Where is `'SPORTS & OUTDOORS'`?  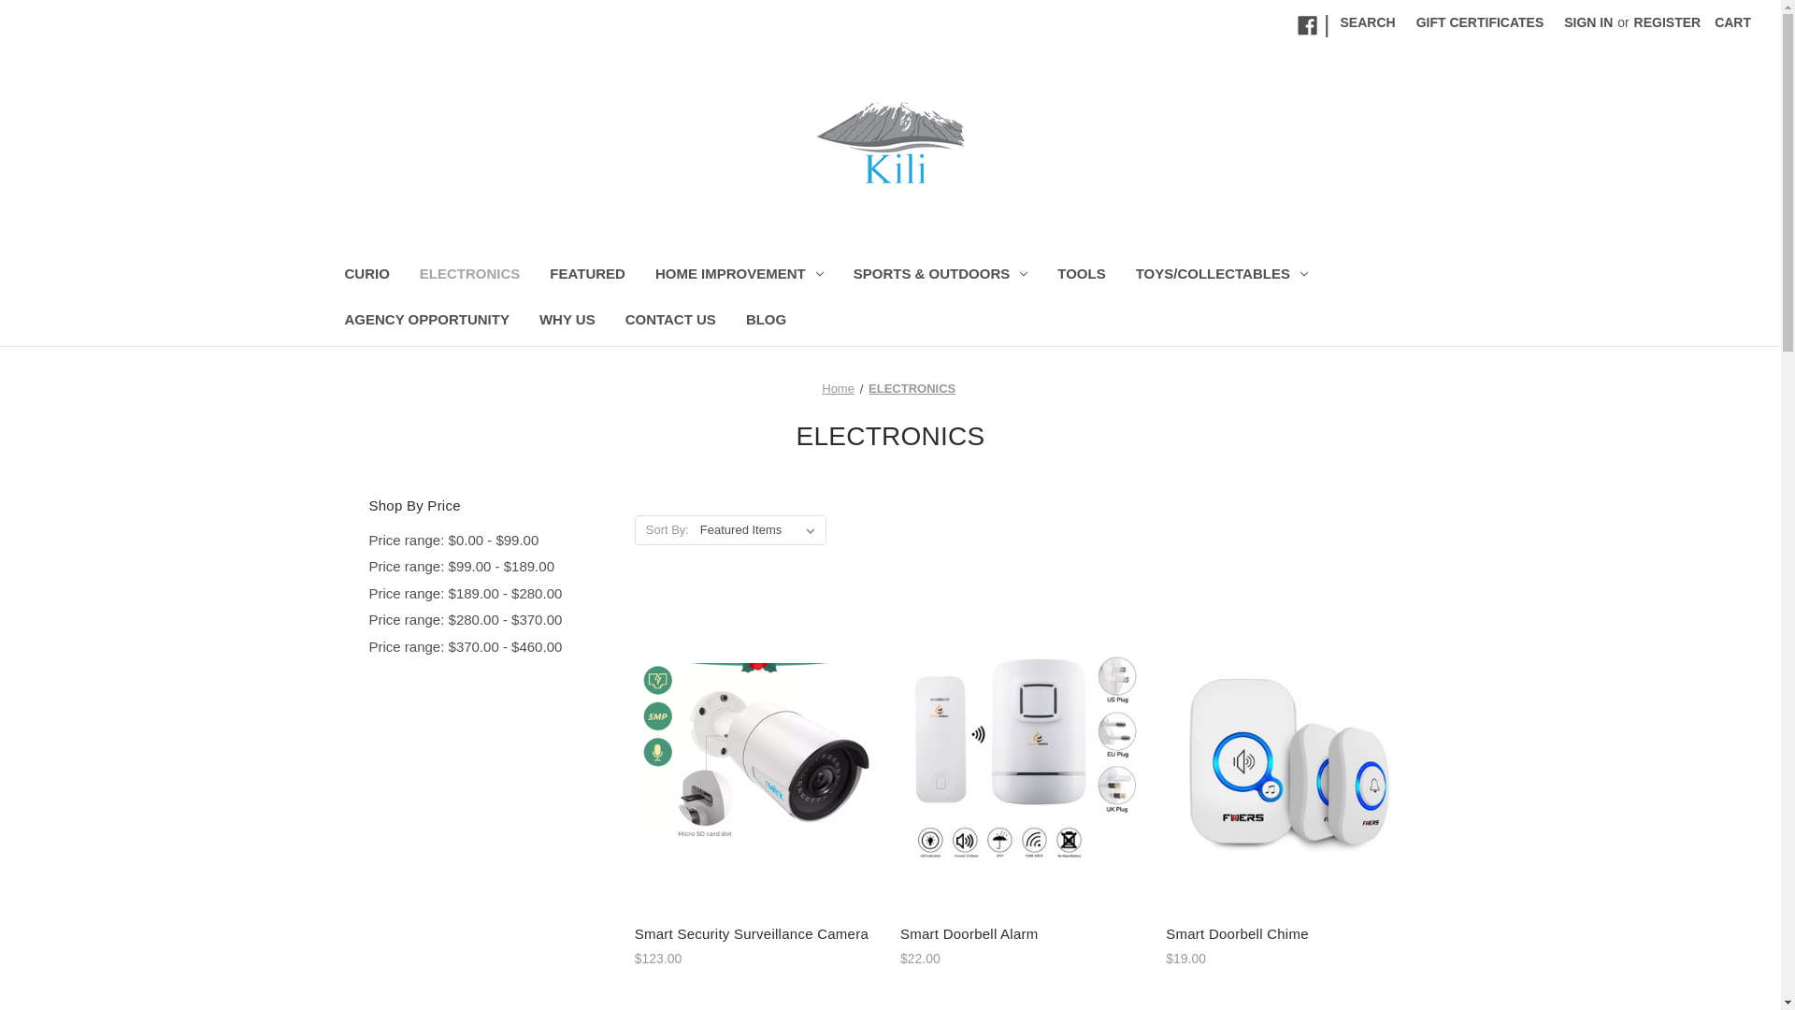 'SPORTS & OUTDOORS' is located at coordinates (941, 276).